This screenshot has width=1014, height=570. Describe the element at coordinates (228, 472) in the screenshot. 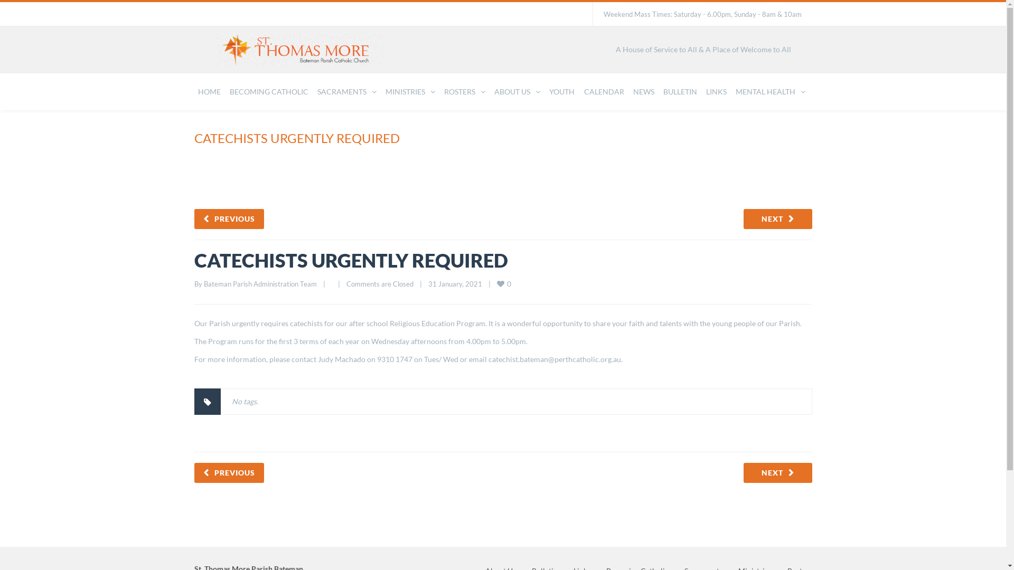

I see `'PREVIOUS'` at that location.